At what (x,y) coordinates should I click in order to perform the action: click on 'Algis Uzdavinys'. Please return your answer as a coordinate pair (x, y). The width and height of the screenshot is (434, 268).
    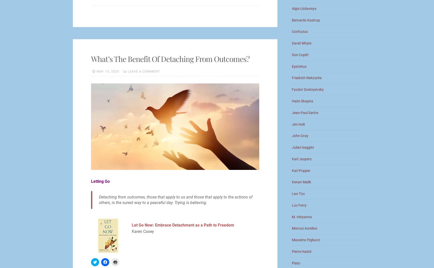
    Looking at the image, I should click on (304, 8).